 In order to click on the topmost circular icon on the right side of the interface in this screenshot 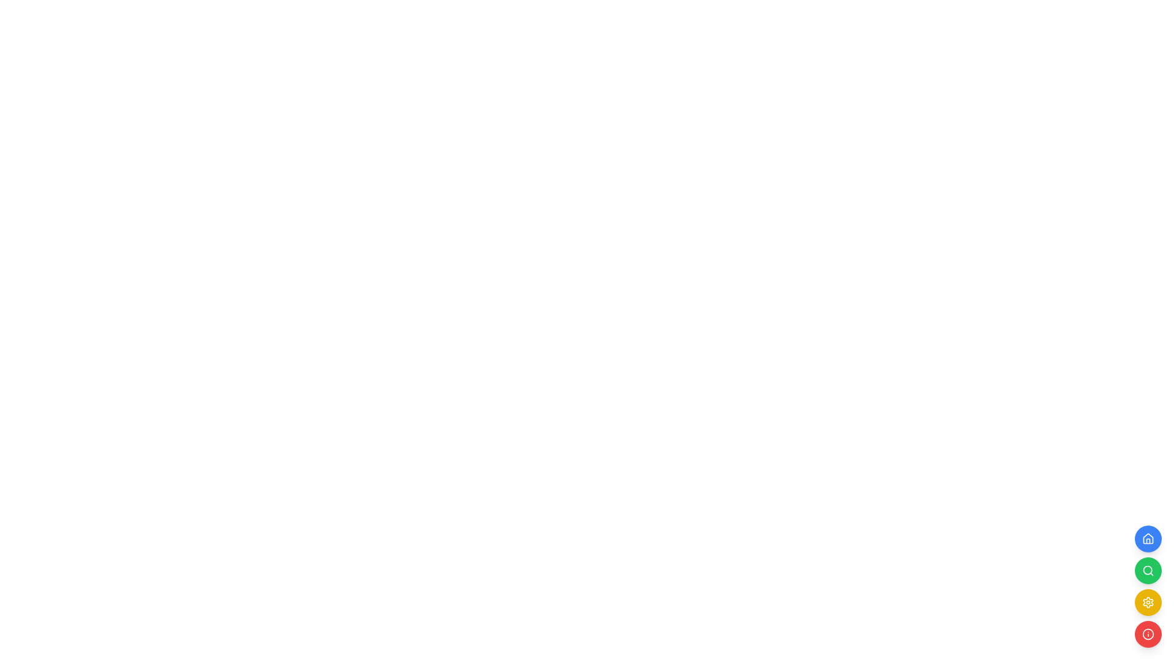, I will do `click(1147, 538)`.